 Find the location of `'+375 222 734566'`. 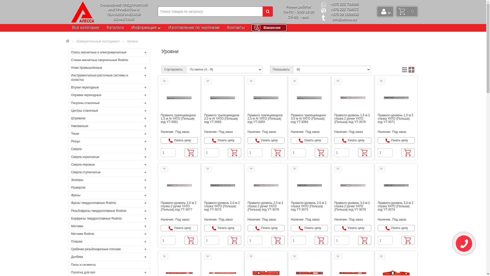

'+375 222 734566' is located at coordinates (344, 4).